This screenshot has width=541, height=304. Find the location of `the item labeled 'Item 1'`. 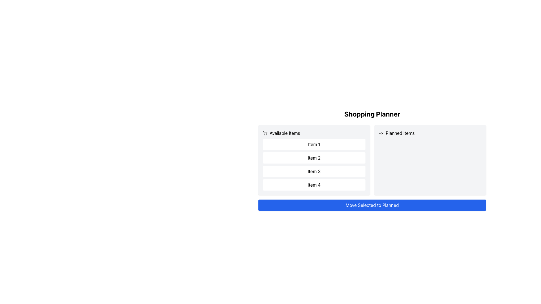

the item labeled 'Item 1' is located at coordinates (314, 144).